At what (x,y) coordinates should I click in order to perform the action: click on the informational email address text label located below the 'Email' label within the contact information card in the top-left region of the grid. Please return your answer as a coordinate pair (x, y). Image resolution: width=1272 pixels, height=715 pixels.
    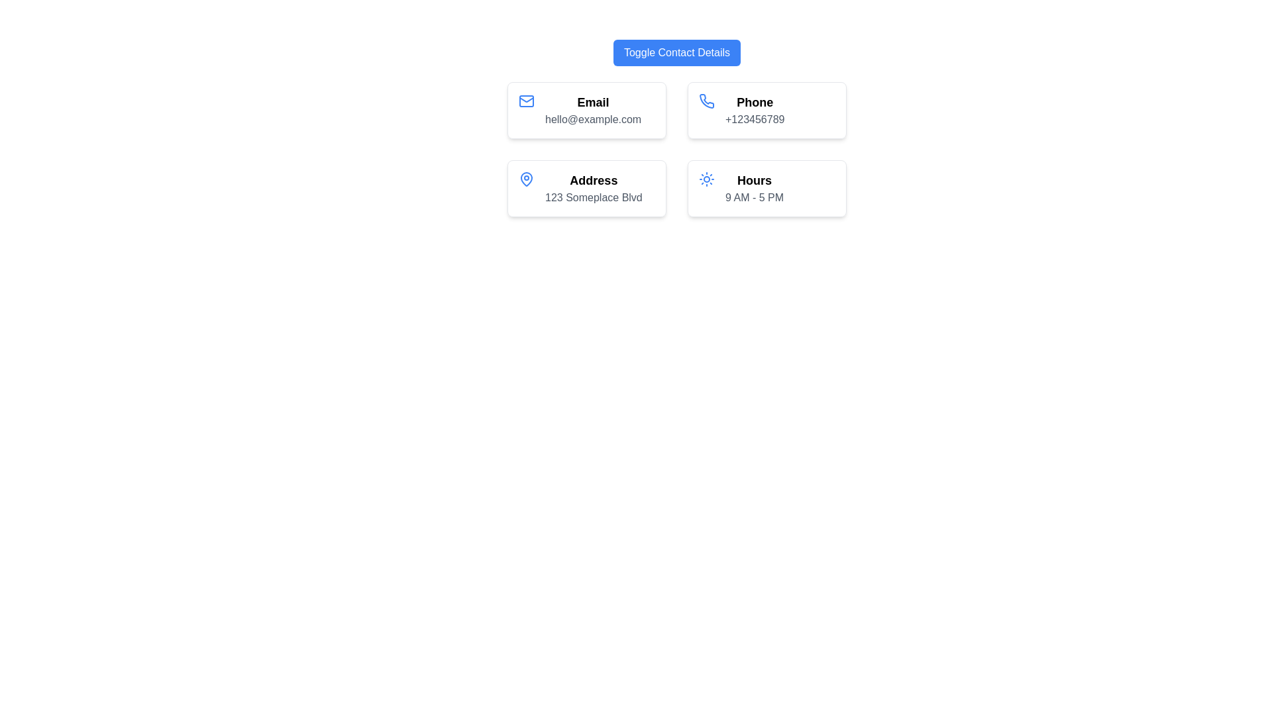
    Looking at the image, I should click on (592, 120).